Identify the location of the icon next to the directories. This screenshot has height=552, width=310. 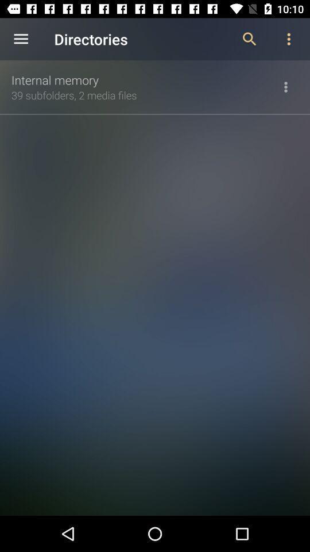
(21, 39).